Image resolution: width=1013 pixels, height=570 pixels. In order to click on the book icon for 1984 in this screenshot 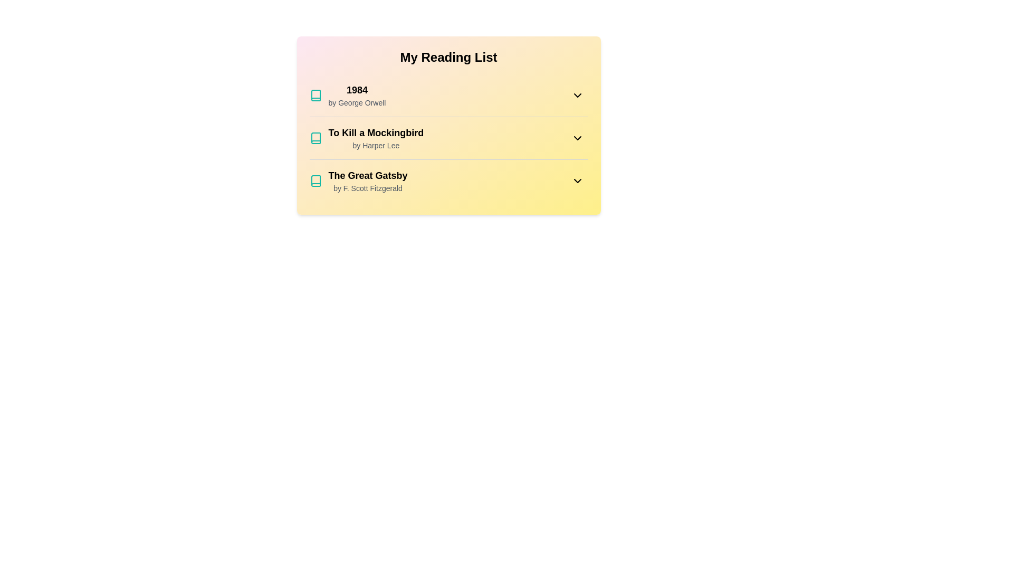, I will do `click(315, 96)`.